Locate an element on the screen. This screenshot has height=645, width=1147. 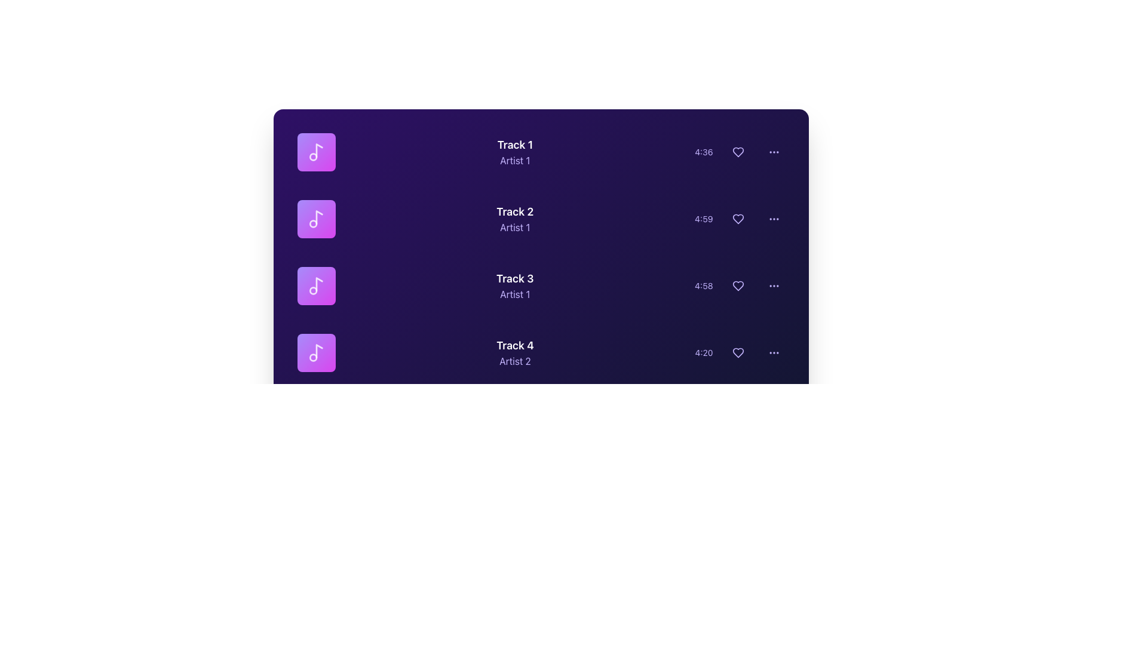
duration text label associated with 'Track 4', positioned in the bottom row and aligned horizontally with similar text representations is located at coordinates (704, 352).